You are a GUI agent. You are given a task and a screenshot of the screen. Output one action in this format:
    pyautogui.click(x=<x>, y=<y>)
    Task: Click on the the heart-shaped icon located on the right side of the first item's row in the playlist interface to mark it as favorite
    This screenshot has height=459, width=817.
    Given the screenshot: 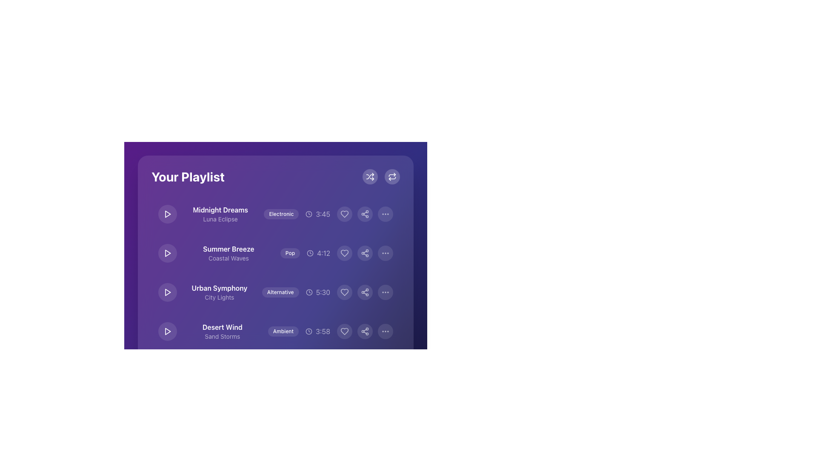 What is the action you would take?
    pyautogui.click(x=345, y=214)
    